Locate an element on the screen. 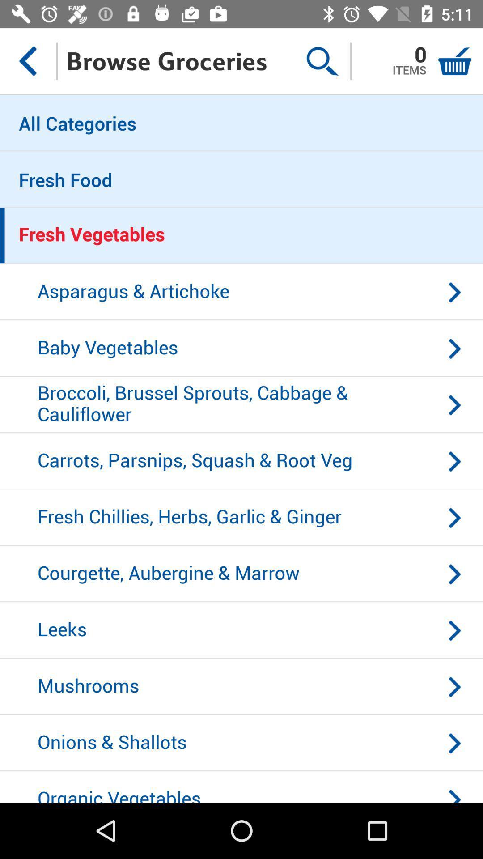 This screenshot has width=483, height=859. the broccoli brussel sprouts is located at coordinates (241, 404).